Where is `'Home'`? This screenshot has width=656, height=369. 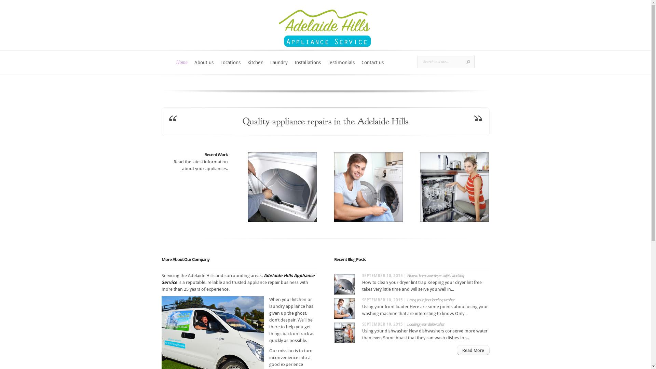 'Home' is located at coordinates (182, 67).